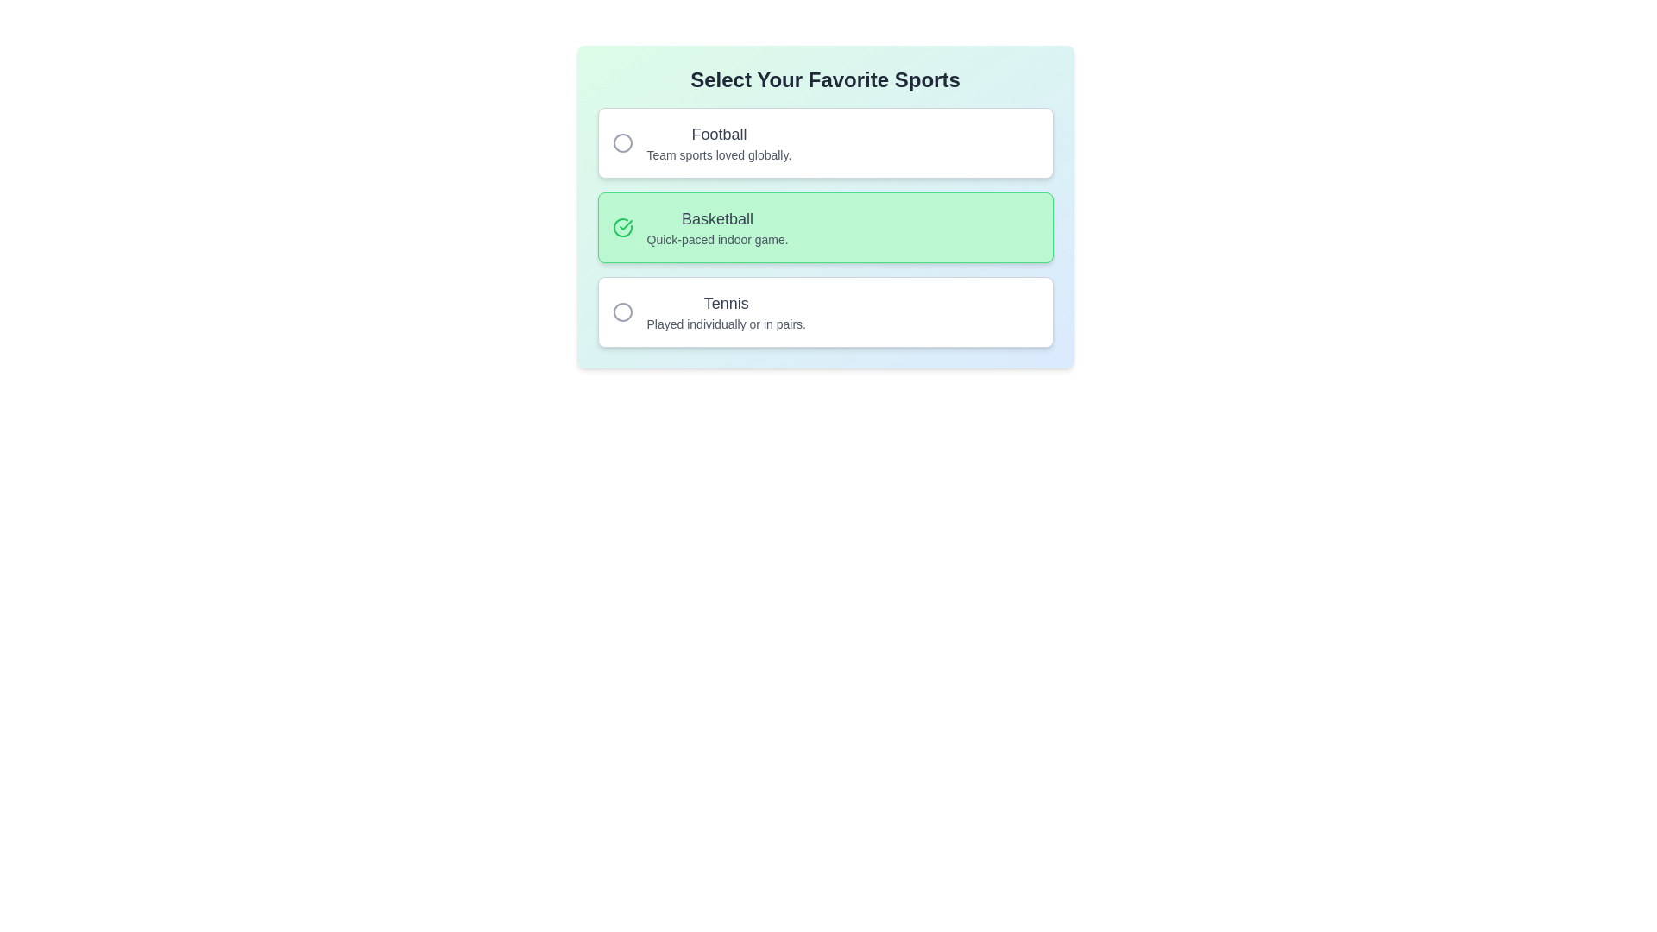 The image size is (1657, 932). I want to click on the 'Basketball' selectable card, so click(824, 226).